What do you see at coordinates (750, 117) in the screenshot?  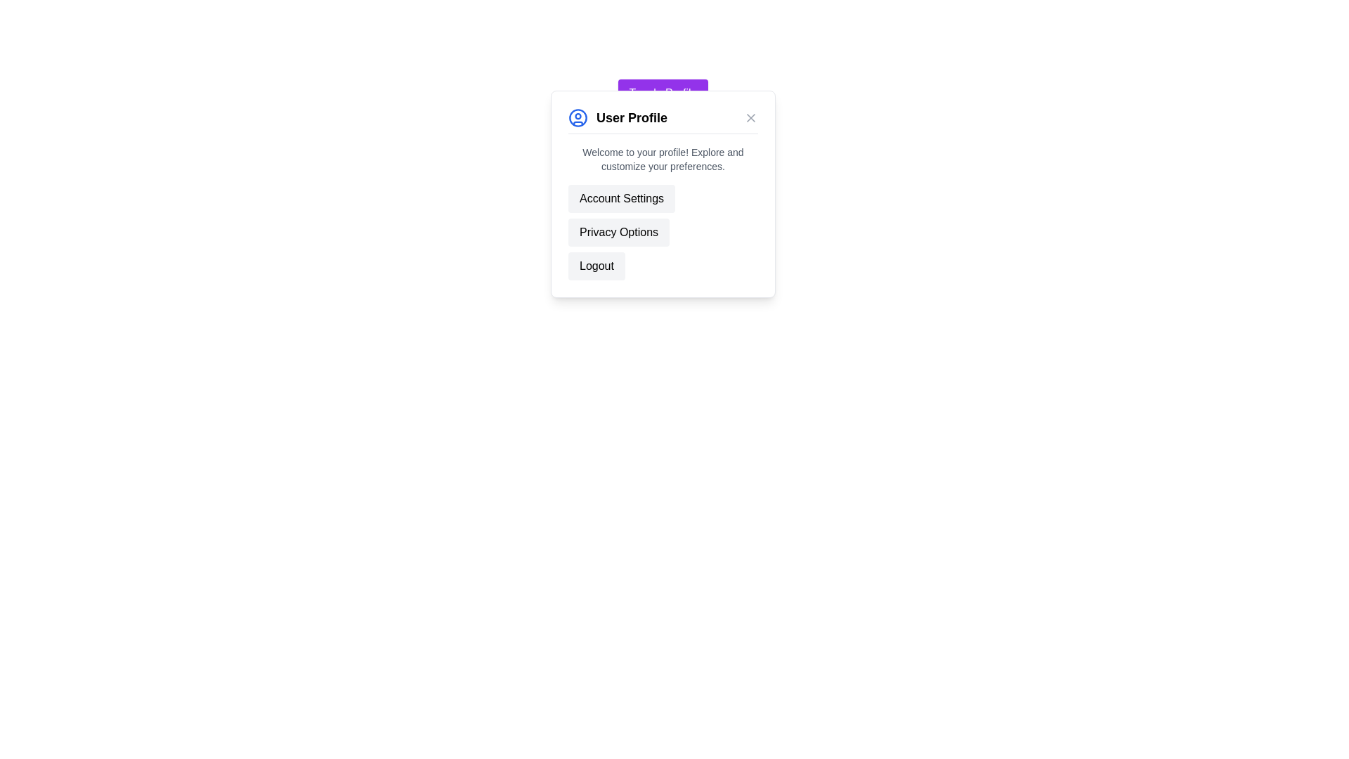 I see `the close button located at the top-right corner of the 'User Profile' modal to change its highlight color` at bounding box center [750, 117].